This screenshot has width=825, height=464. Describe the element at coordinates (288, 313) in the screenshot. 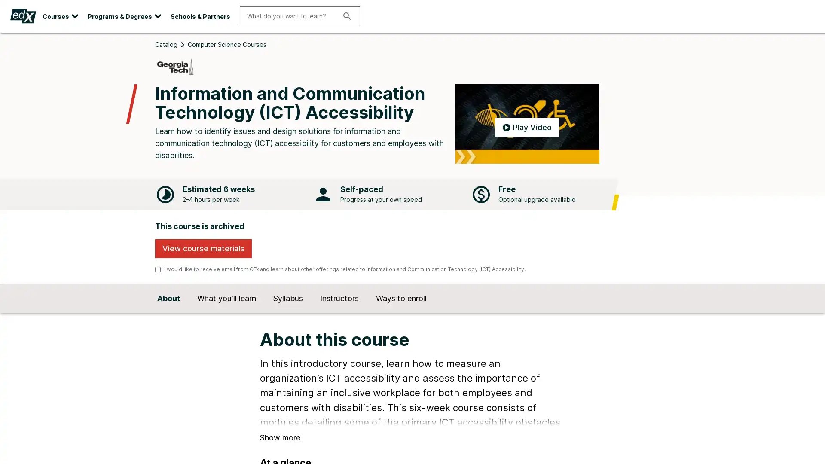

I see `Syllabus` at that location.